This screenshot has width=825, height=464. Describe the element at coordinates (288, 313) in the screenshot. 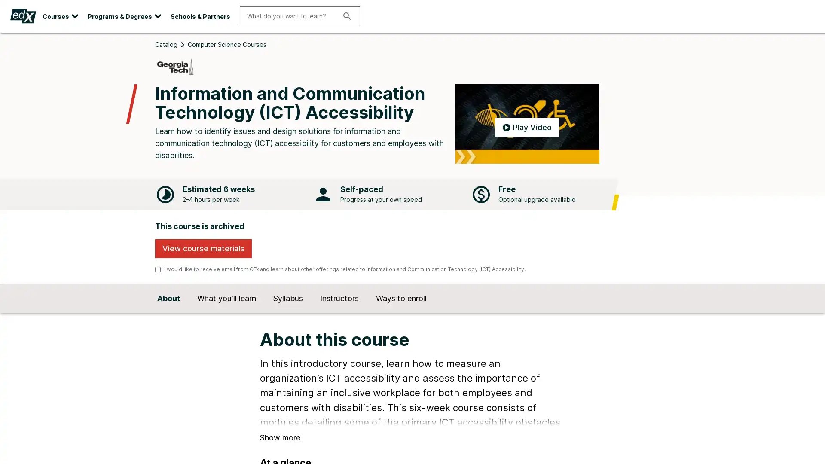

I see `Syllabus` at that location.